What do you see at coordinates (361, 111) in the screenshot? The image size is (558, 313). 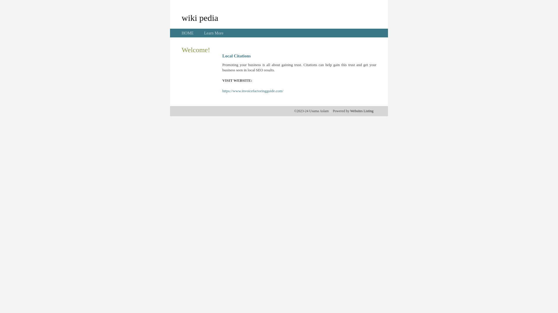 I see `'Websites Listing'` at bounding box center [361, 111].